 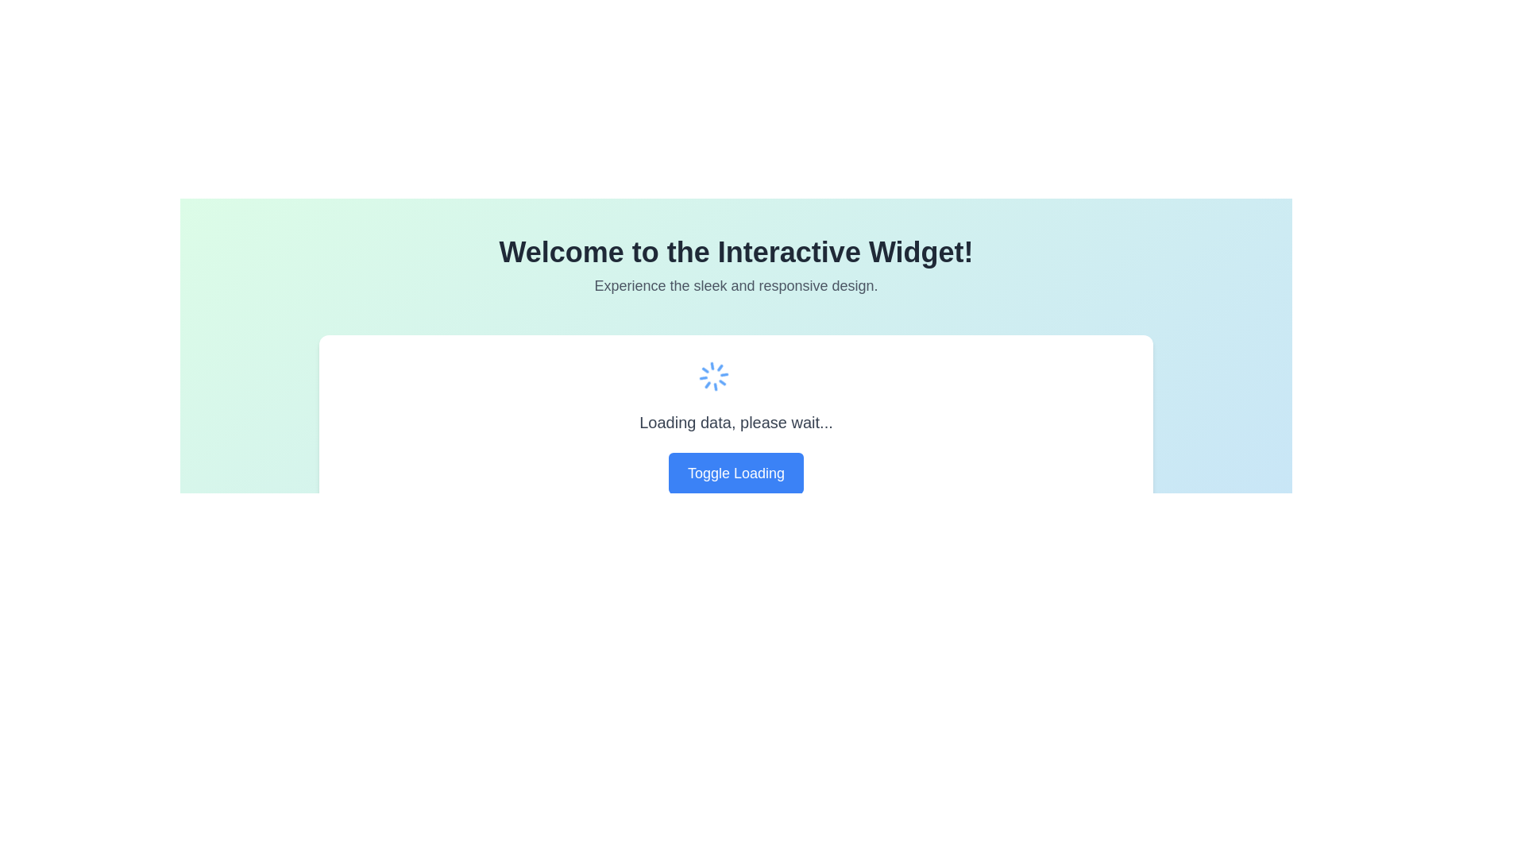 I want to click on the text label displaying 'Loading data, please wait...' which is centrally placed beneath a spinning loader icon and above the 'Toggle Loading' button, so click(x=735, y=422).